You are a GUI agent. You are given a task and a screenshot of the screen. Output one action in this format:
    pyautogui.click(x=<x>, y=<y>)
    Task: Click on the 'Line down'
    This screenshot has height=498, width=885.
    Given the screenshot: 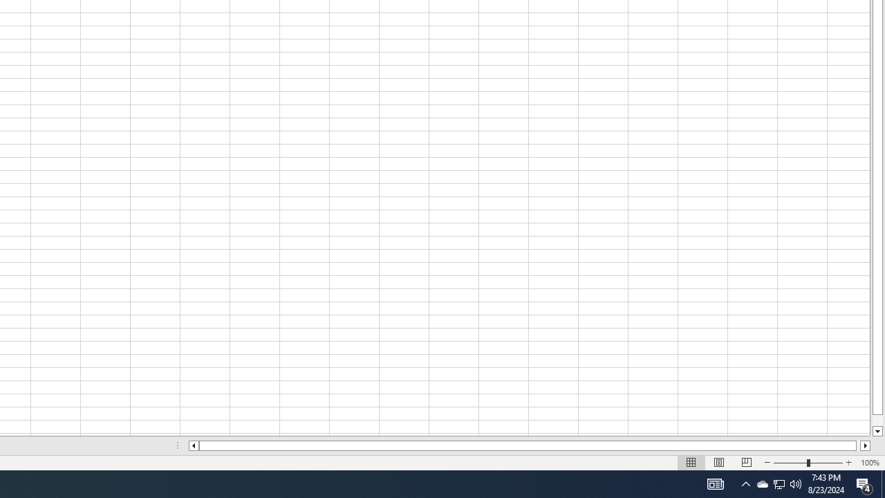 What is the action you would take?
    pyautogui.click(x=877, y=431)
    